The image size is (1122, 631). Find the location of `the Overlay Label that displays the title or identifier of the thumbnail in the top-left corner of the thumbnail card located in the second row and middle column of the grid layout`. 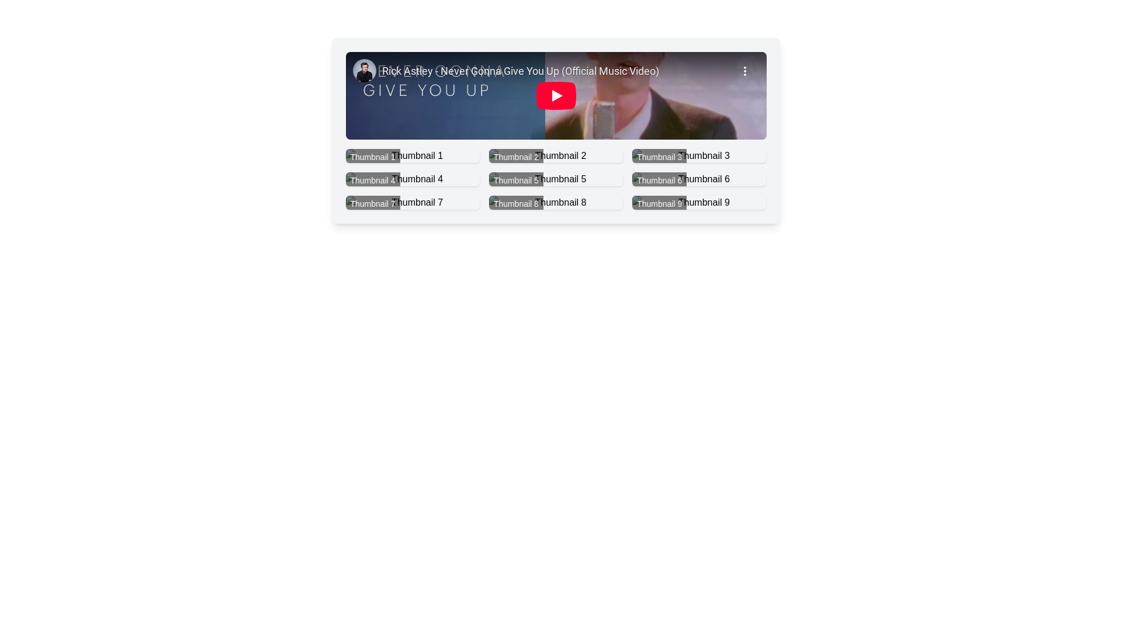

the Overlay Label that displays the title or identifier of the thumbnail in the top-left corner of the thumbnail card located in the second row and middle column of the grid layout is located at coordinates (515, 203).